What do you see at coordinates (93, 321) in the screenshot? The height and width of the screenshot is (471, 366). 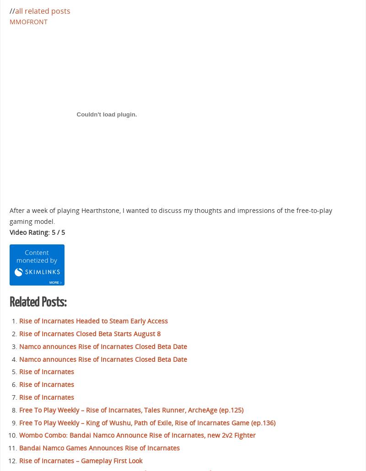 I see `'Rise of Incarnates Headed to Steam Early Access'` at bounding box center [93, 321].